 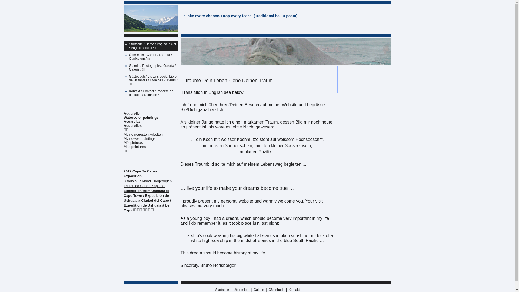 What do you see at coordinates (142, 138) in the screenshot?
I see `'newest paintings'` at bounding box center [142, 138].